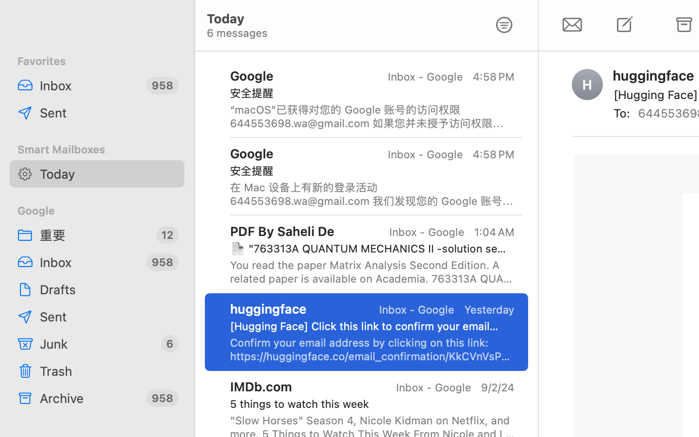  I want to click on 'Trash', so click(108, 370).